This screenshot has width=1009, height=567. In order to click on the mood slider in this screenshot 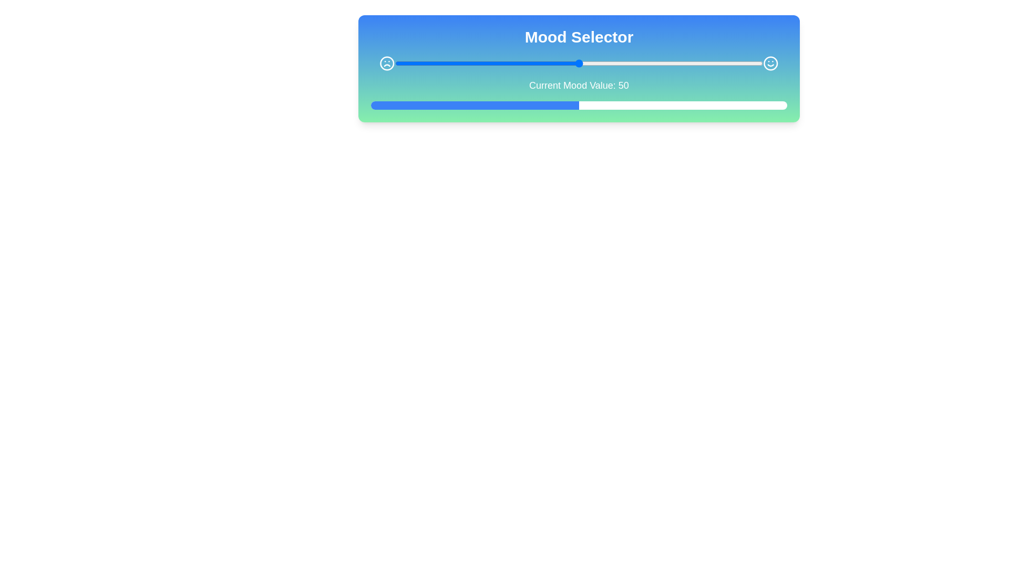, I will do `click(729, 63)`.